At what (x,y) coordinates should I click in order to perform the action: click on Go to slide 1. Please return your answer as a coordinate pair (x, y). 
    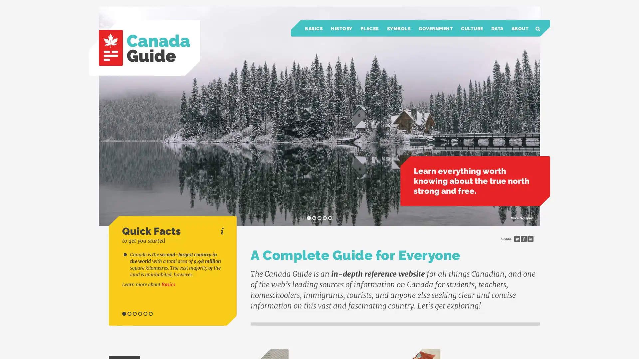
    Looking at the image, I should click on (124, 314).